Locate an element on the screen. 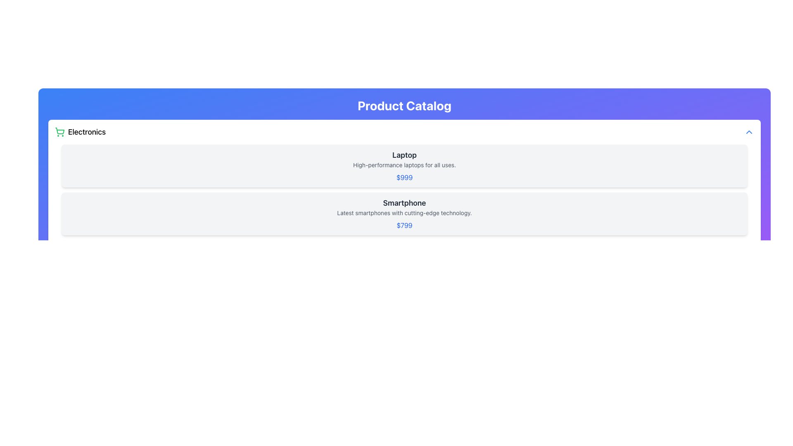  the icon indicating the state of the 'Electronics' panel, positioned on the farthest right-hand side of the header area, adjacent to the text 'Electronics' is located at coordinates (749, 132).